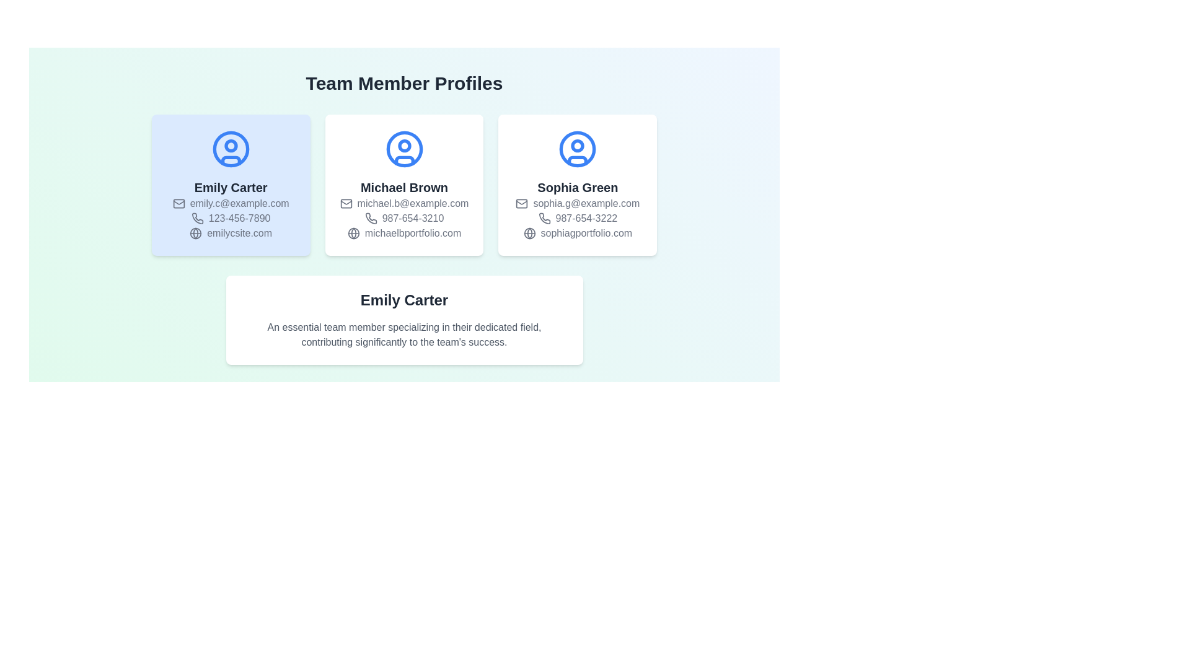  What do you see at coordinates (529, 234) in the screenshot?
I see `the small circular globe icon preceding the text link 'sophiagportfolio.com' in the 'Sophia Green' profile card` at bounding box center [529, 234].